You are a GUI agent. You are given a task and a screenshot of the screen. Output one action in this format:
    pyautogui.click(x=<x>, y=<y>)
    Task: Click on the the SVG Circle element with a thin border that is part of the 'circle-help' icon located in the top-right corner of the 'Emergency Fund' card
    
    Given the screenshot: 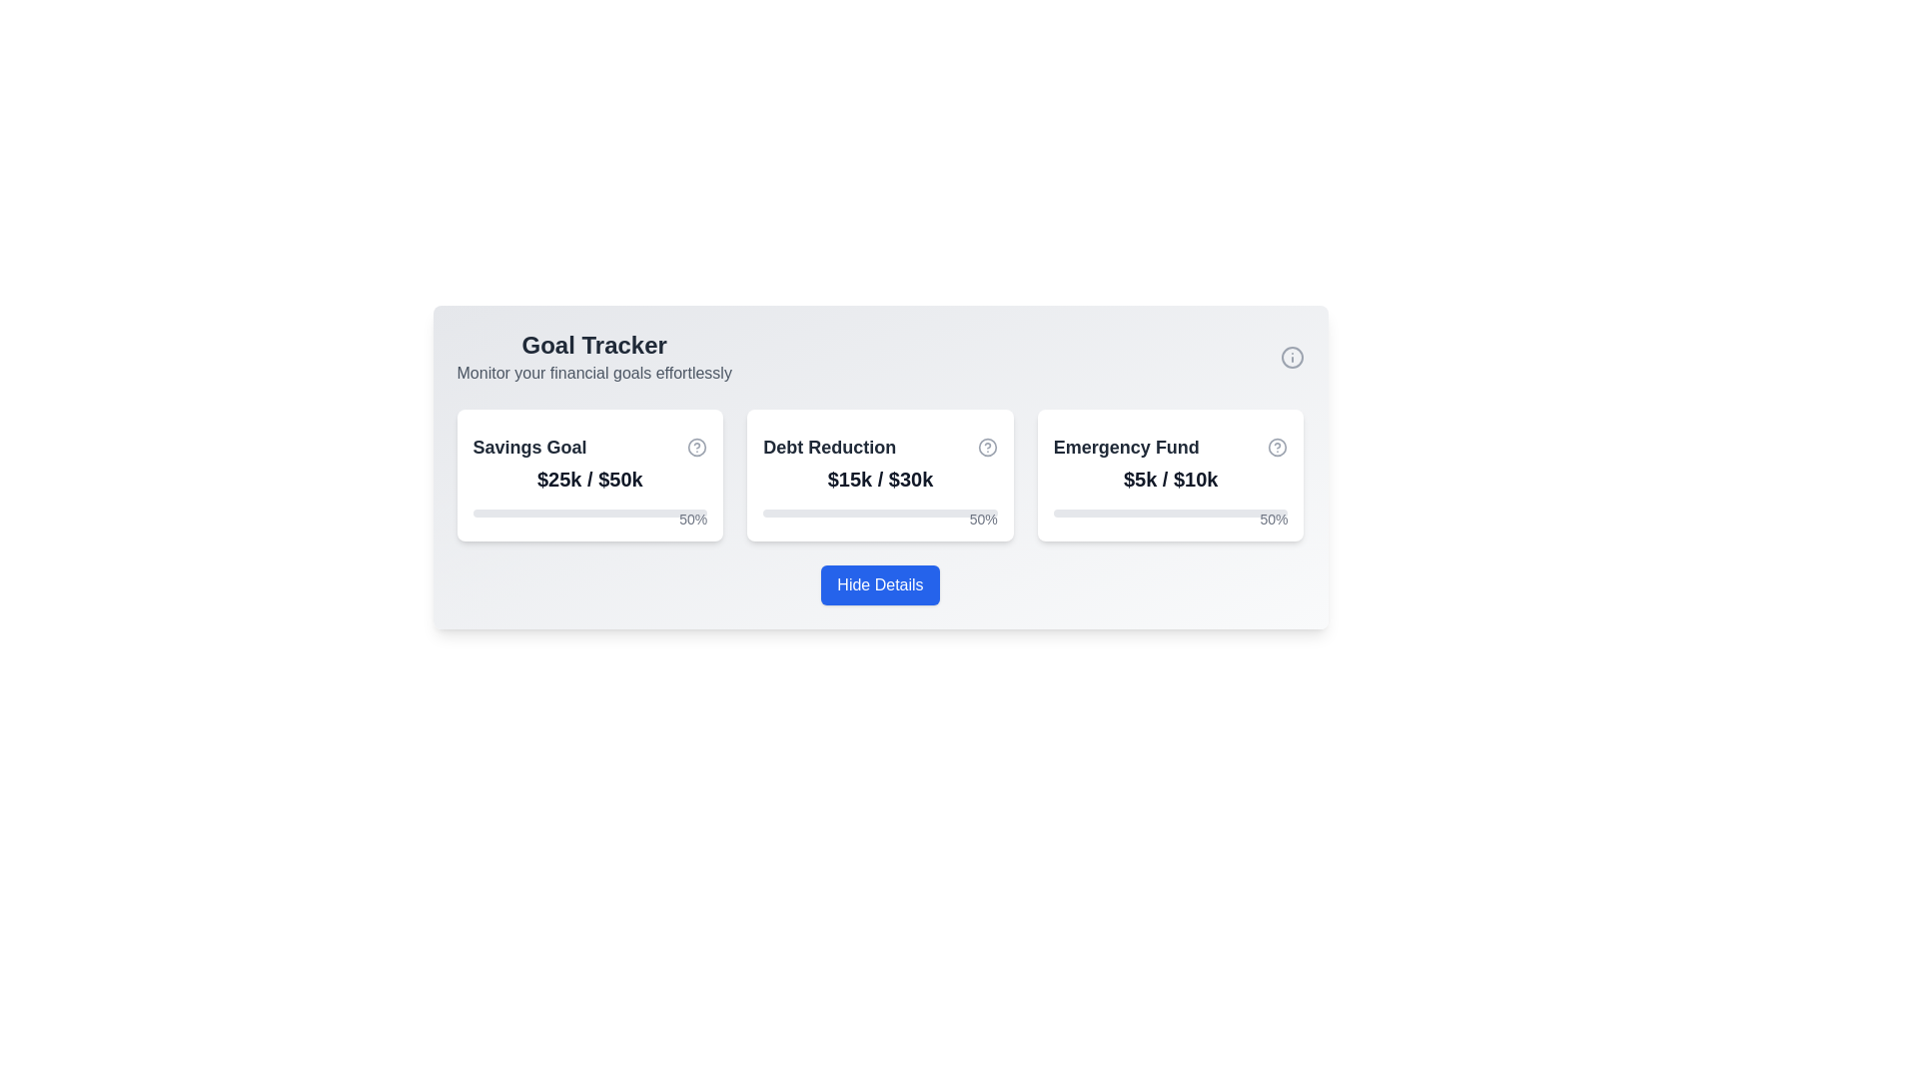 What is the action you would take?
    pyautogui.click(x=1277, y=446)
    